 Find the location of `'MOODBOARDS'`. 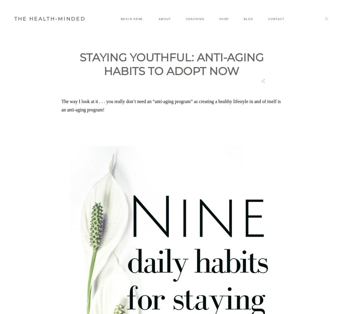

'MOODBOARDS' is located at coordinates (248, 43).